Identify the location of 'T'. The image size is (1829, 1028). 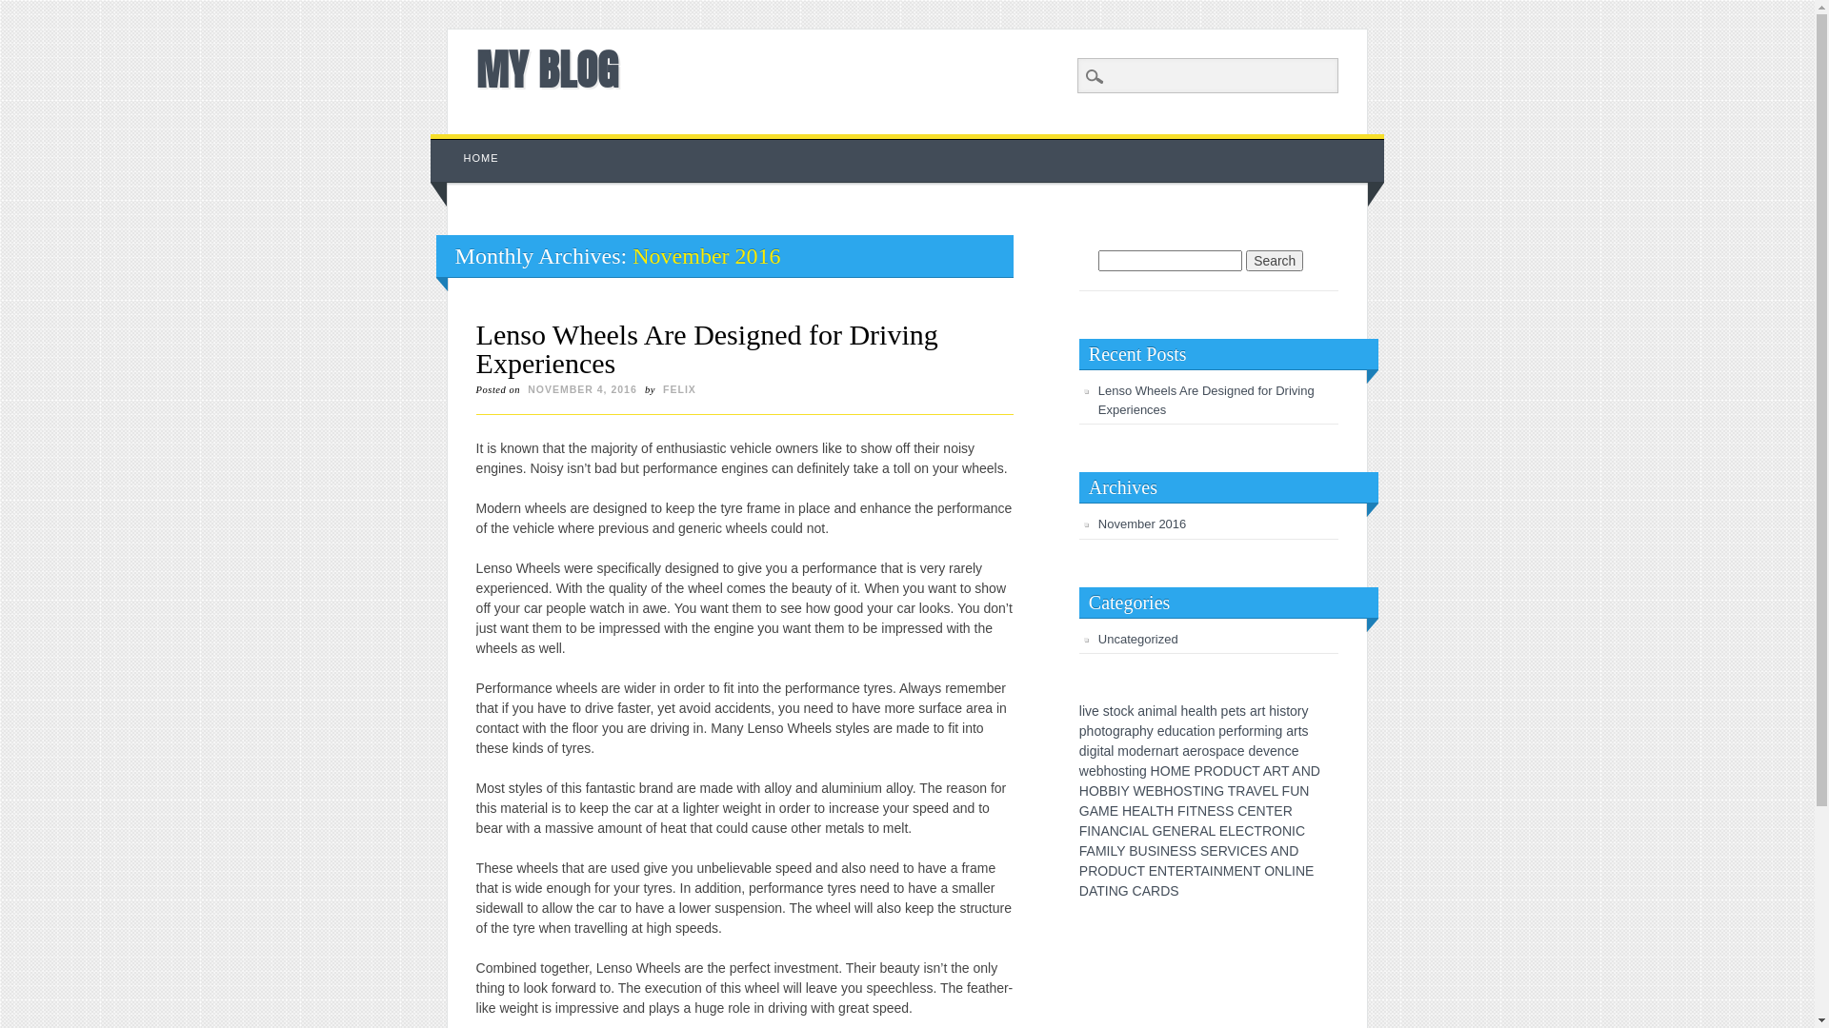
(1193, 811).